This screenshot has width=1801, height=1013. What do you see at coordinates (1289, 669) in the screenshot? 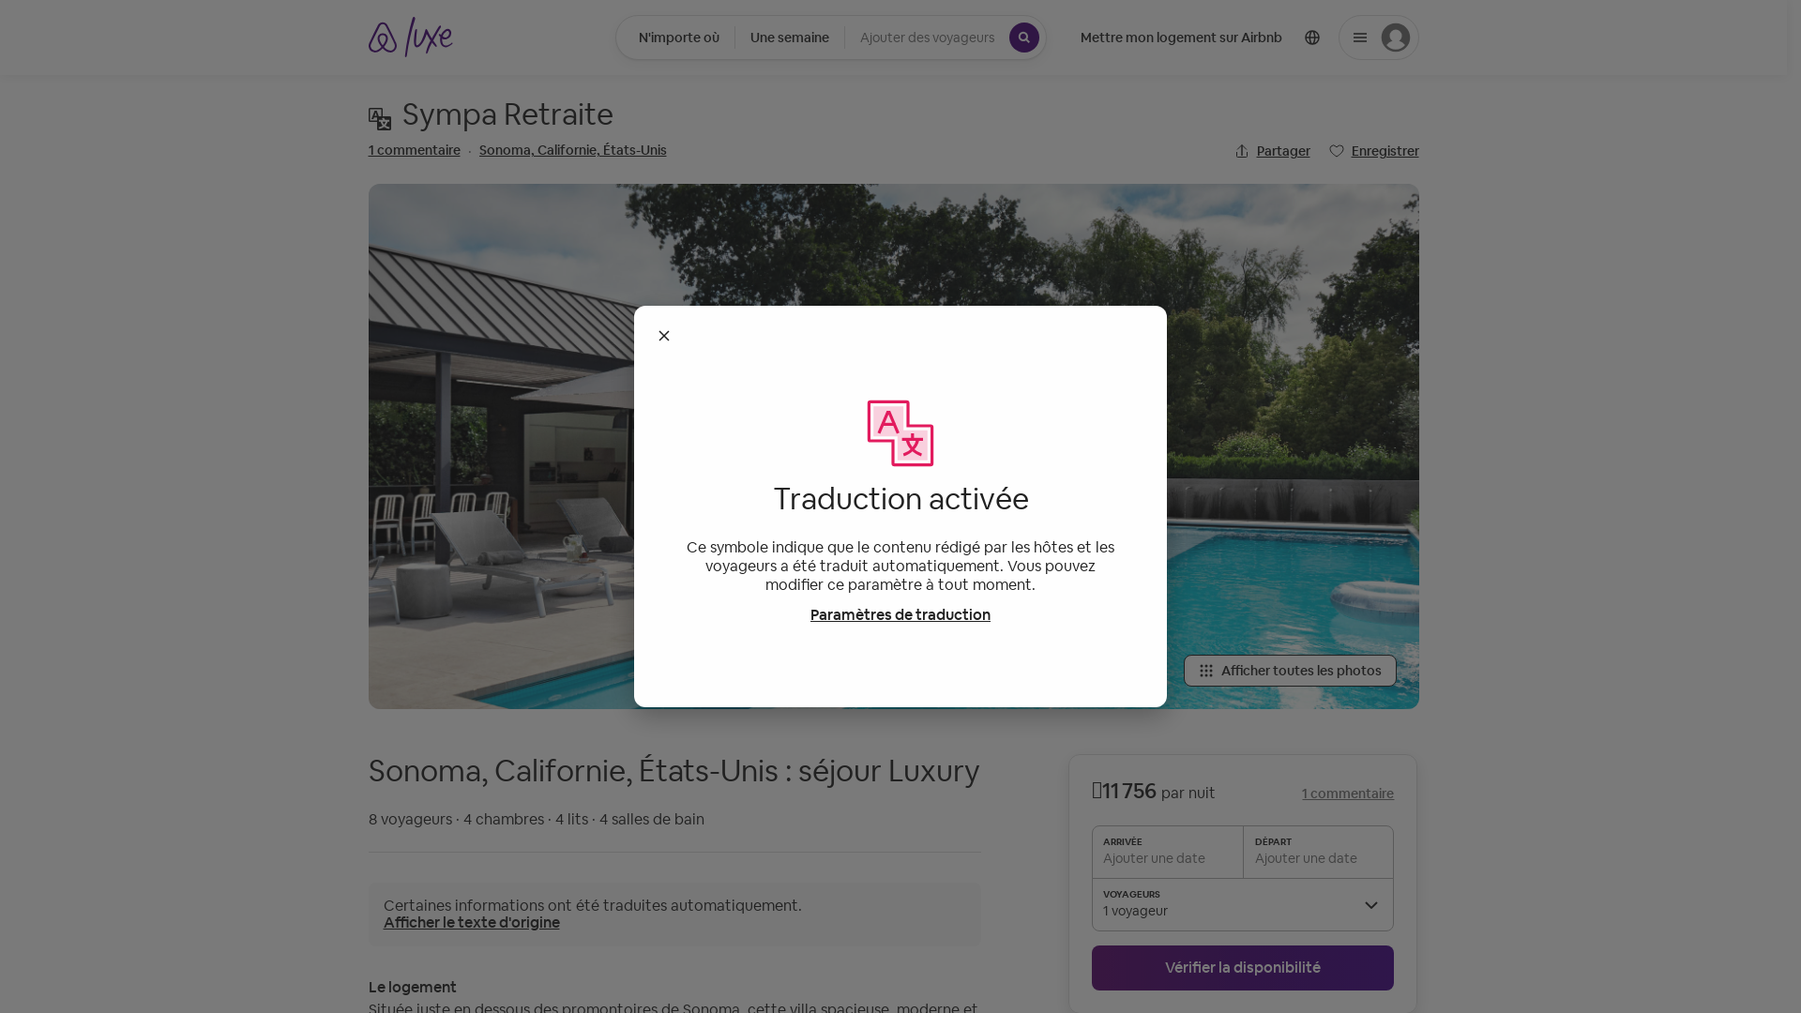
I see `'Afficher toutes les photos'` at bounding box center [1289, 669].